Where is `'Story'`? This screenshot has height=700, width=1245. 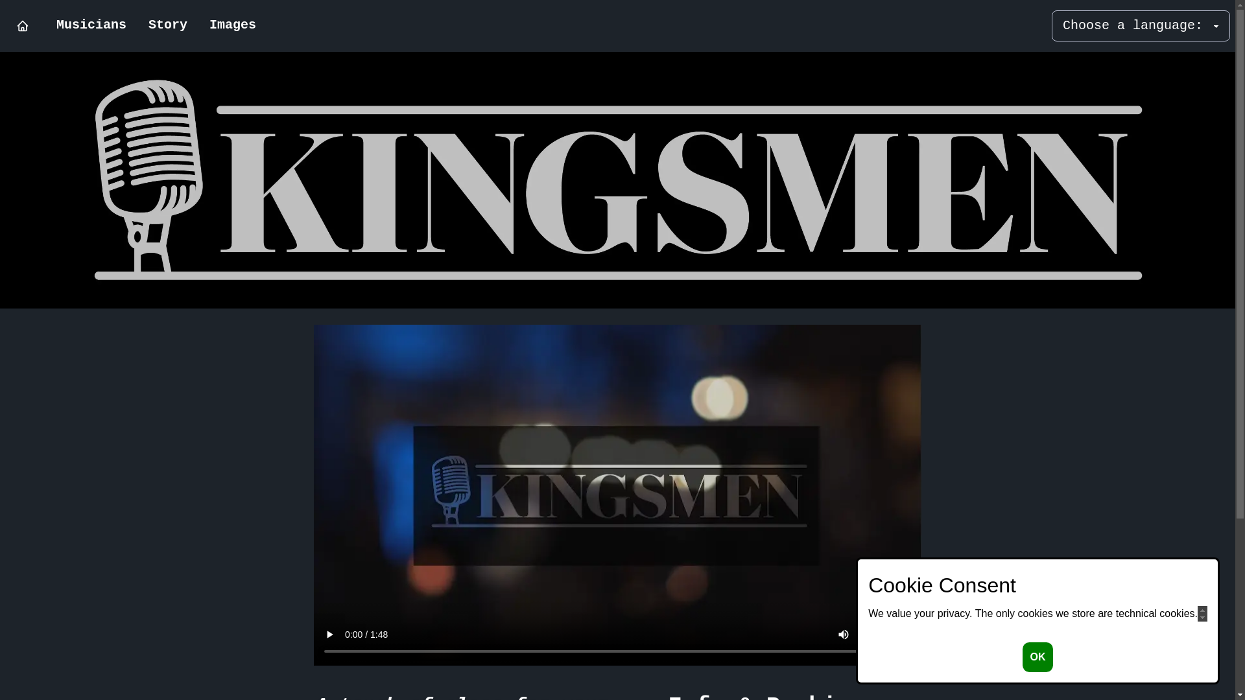
'Story' is located at coordinates (137, 25).